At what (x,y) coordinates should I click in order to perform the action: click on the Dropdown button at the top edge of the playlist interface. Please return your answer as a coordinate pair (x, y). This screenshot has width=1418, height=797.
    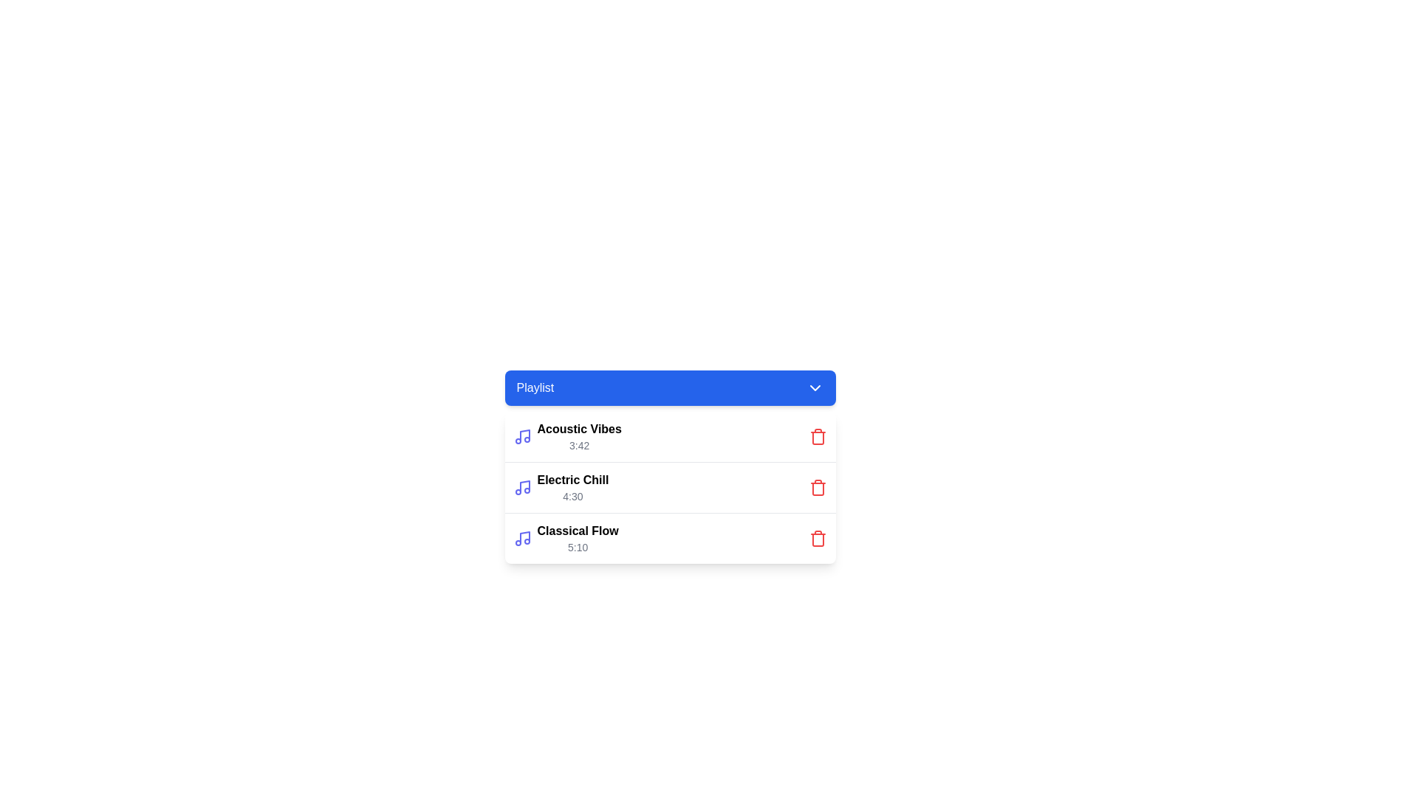
    Looking at the image, I should click on (669, 387).